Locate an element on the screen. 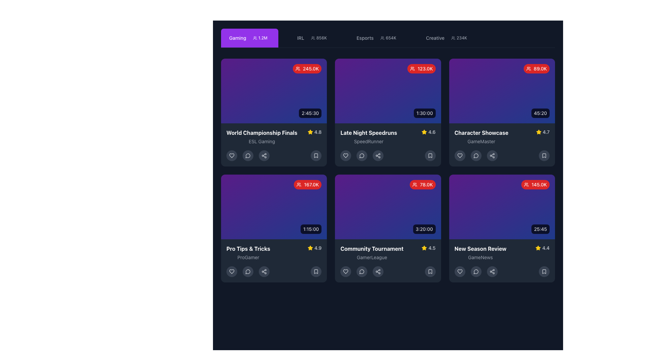 This screenshot has width=647, height=364. the rating component displaying a star icon filled with yellow and the numeric value '4.6', located in the bottom-right corner of the 'Late Night Speedruns' card is located at coordinates (428, 132).